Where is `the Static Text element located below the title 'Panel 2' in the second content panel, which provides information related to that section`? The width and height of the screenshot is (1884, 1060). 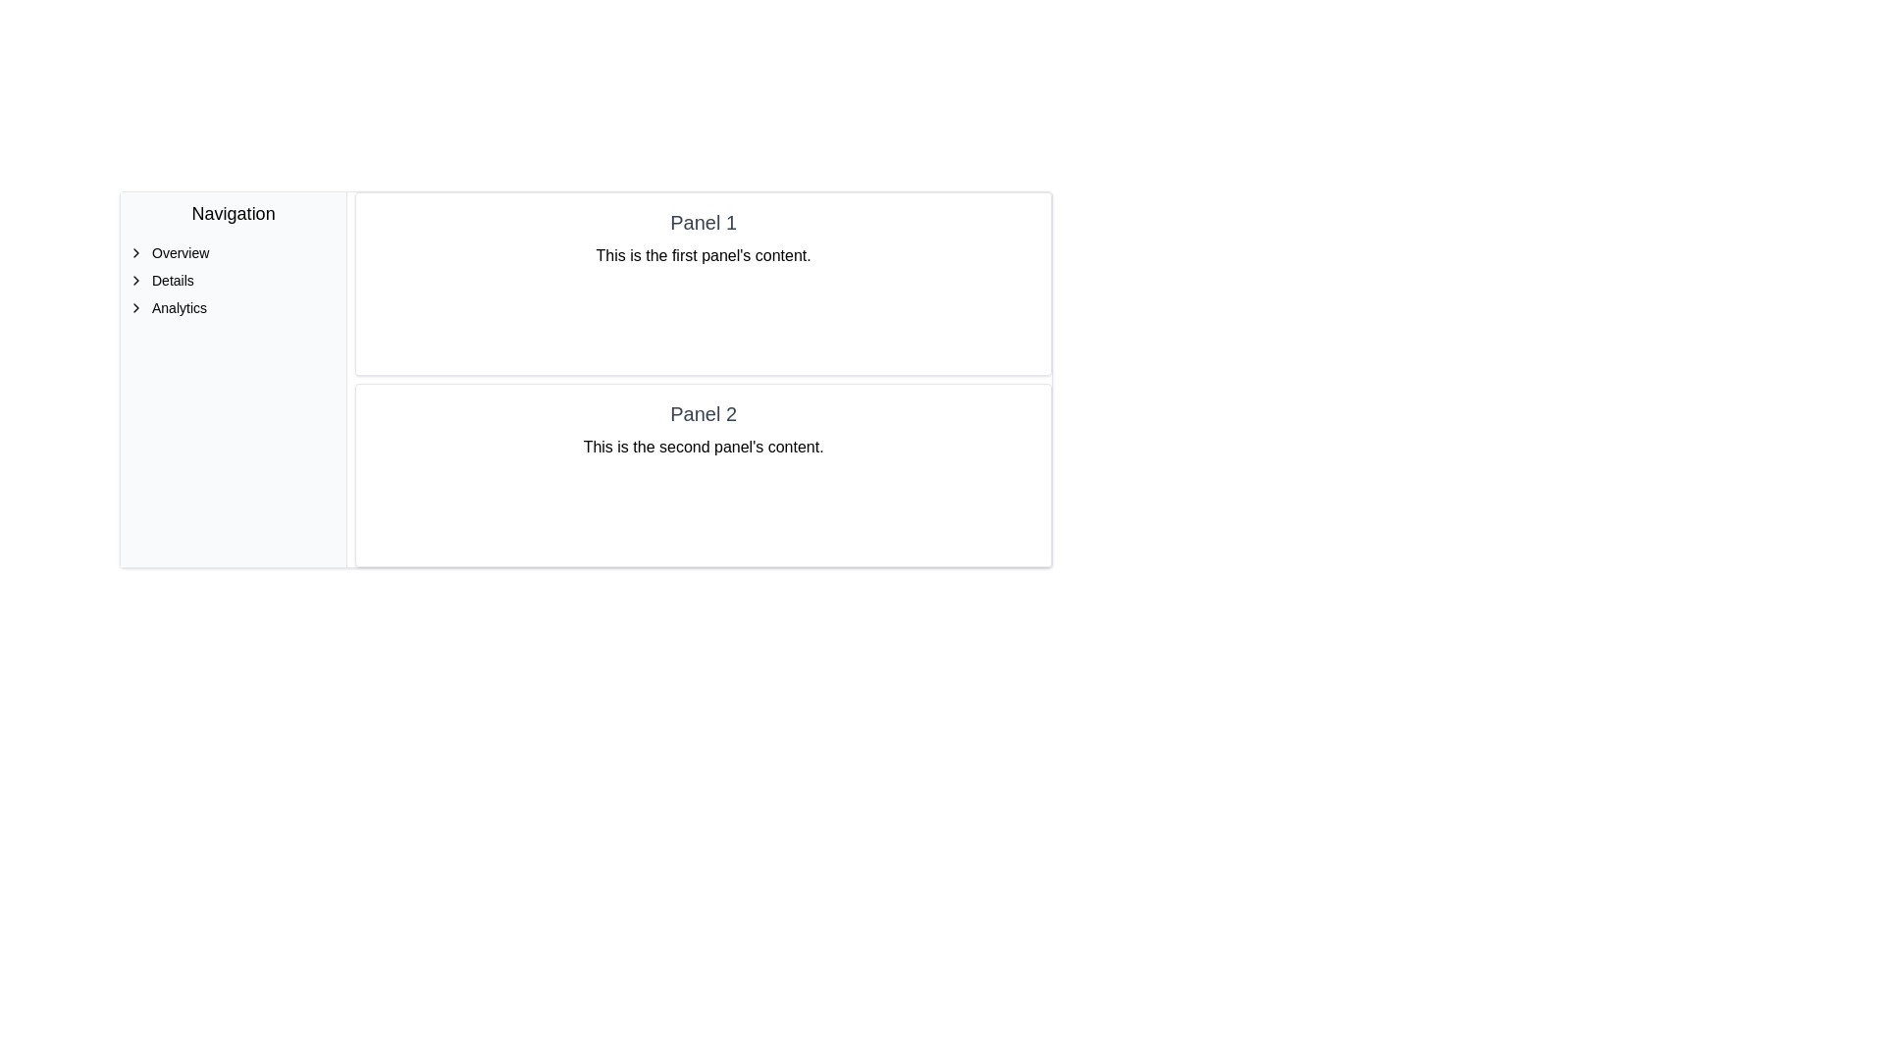
the Static Text element located below the title 'Panel 2' in the second content panel, which provides information related to that section is located at coordinates (704, 447).